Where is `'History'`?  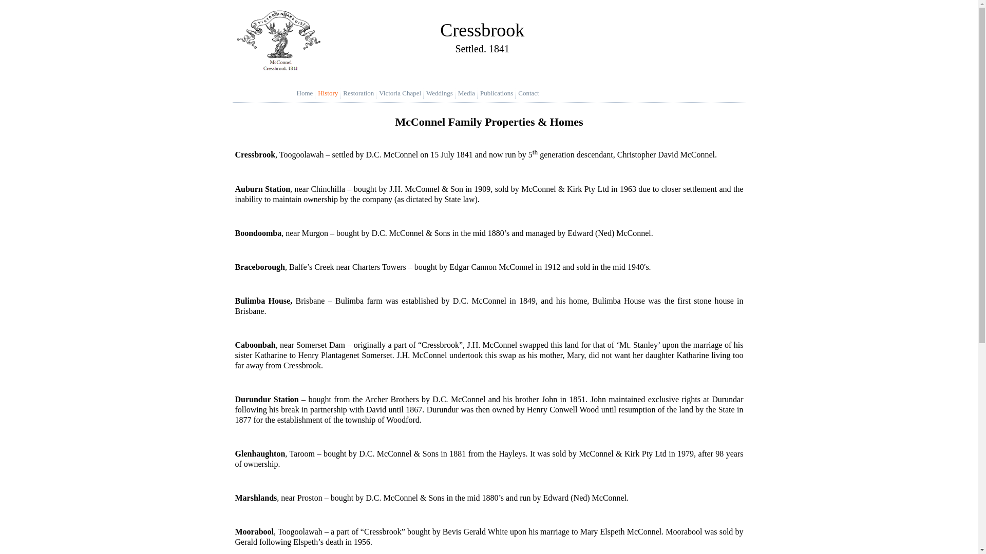
'History' is located at coordinates (330, 93).